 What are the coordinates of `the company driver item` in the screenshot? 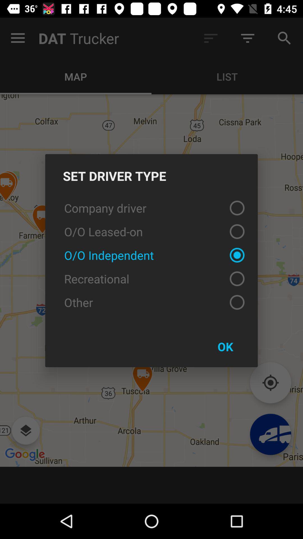 It's located at (151, 207).